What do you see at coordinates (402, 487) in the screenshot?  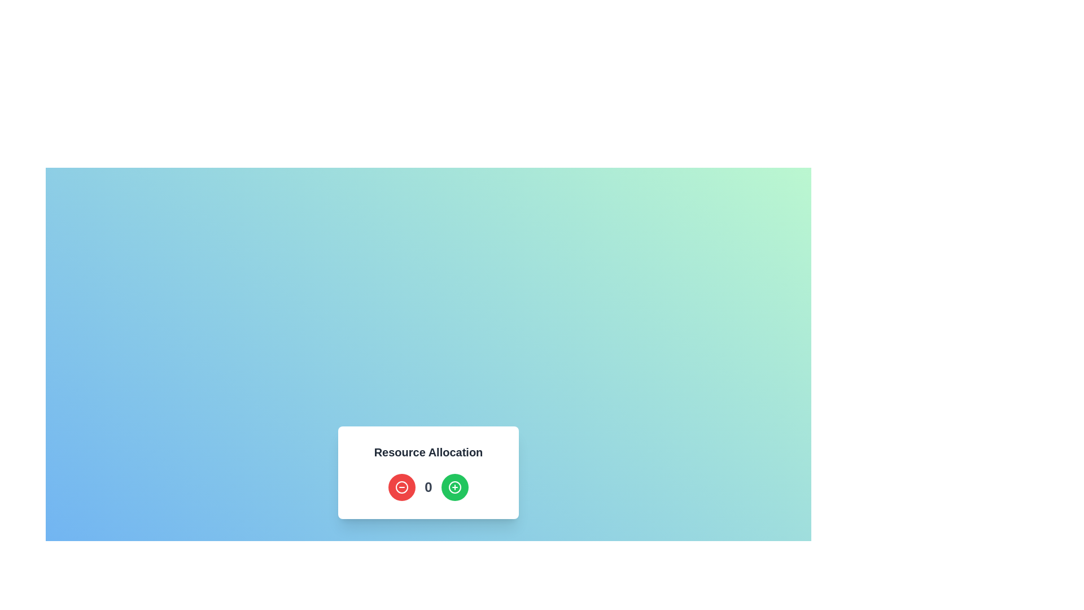 I see `the circular red button with a '-' symbol located under the 'Resource Allocation' header using the keyboard` at bounding box center [402, 487].